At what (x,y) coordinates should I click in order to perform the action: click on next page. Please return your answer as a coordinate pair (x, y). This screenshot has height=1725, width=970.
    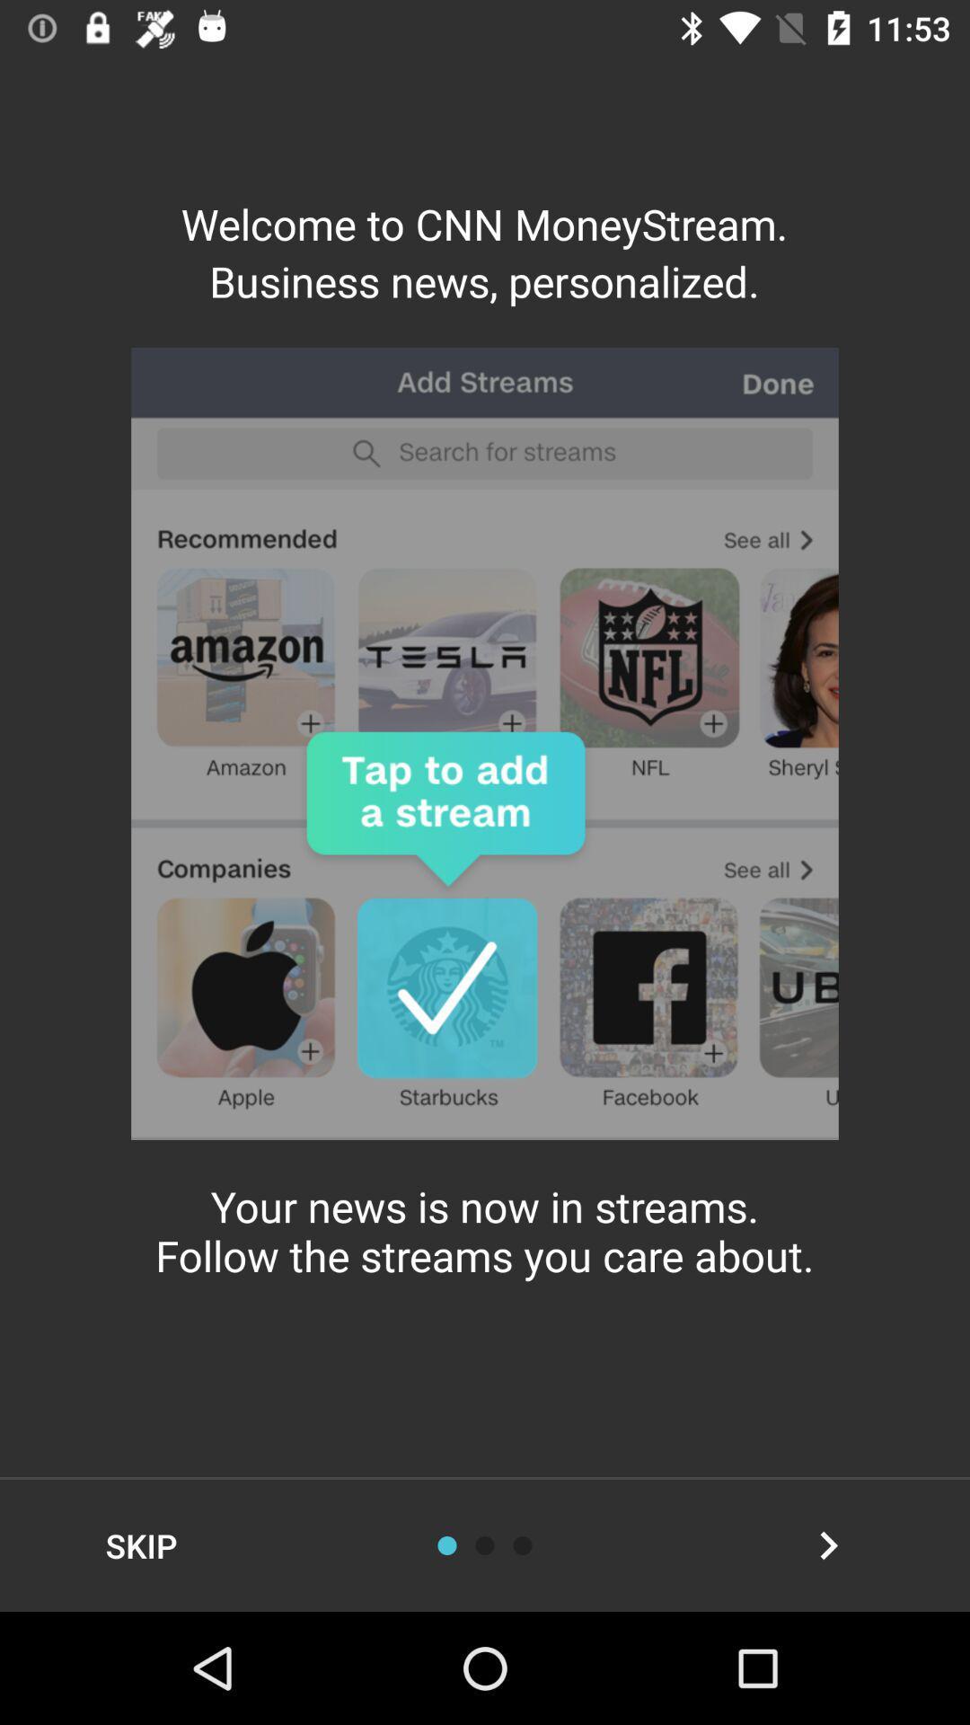
    Looking at the image, I should click on (828, 1544).